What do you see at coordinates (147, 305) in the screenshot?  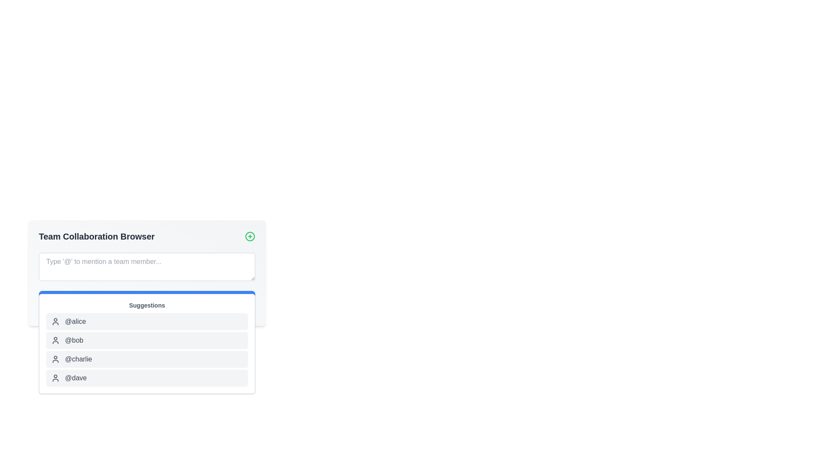 I see `the static text label displaying 'Suggestions' in bold gray font, which is located at the top of a dropdown box in a collaboration tool interface` at bounding box center [147, 305].